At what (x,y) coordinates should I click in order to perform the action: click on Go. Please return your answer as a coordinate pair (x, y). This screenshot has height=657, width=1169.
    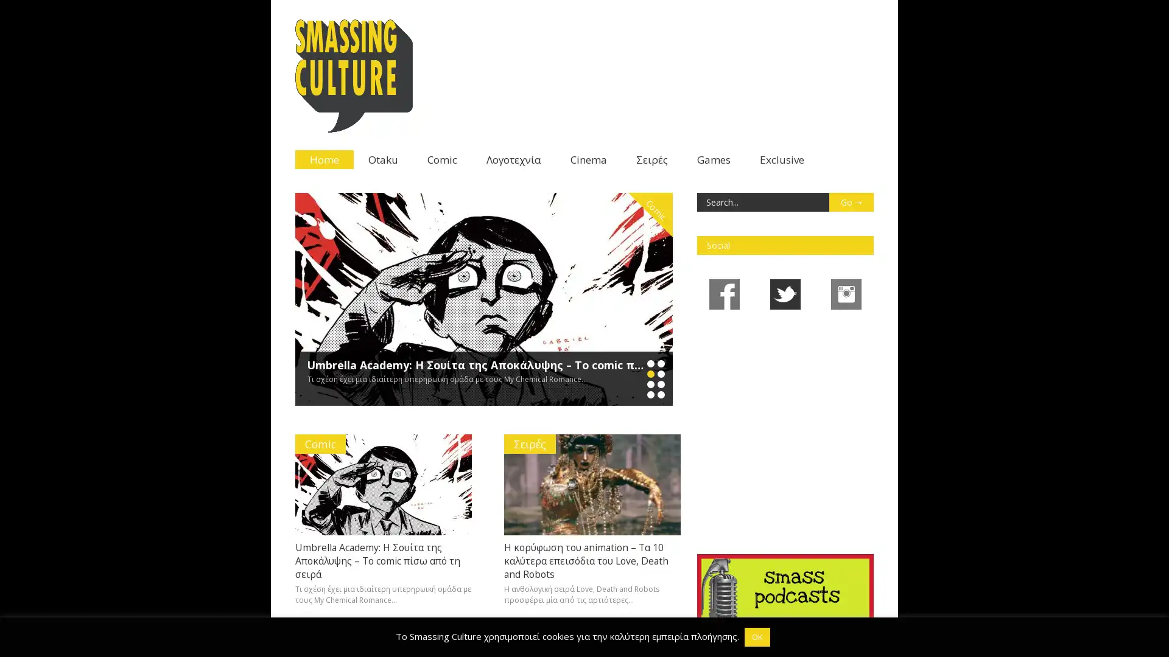
    Looking at the image, I should click on (850, 201).